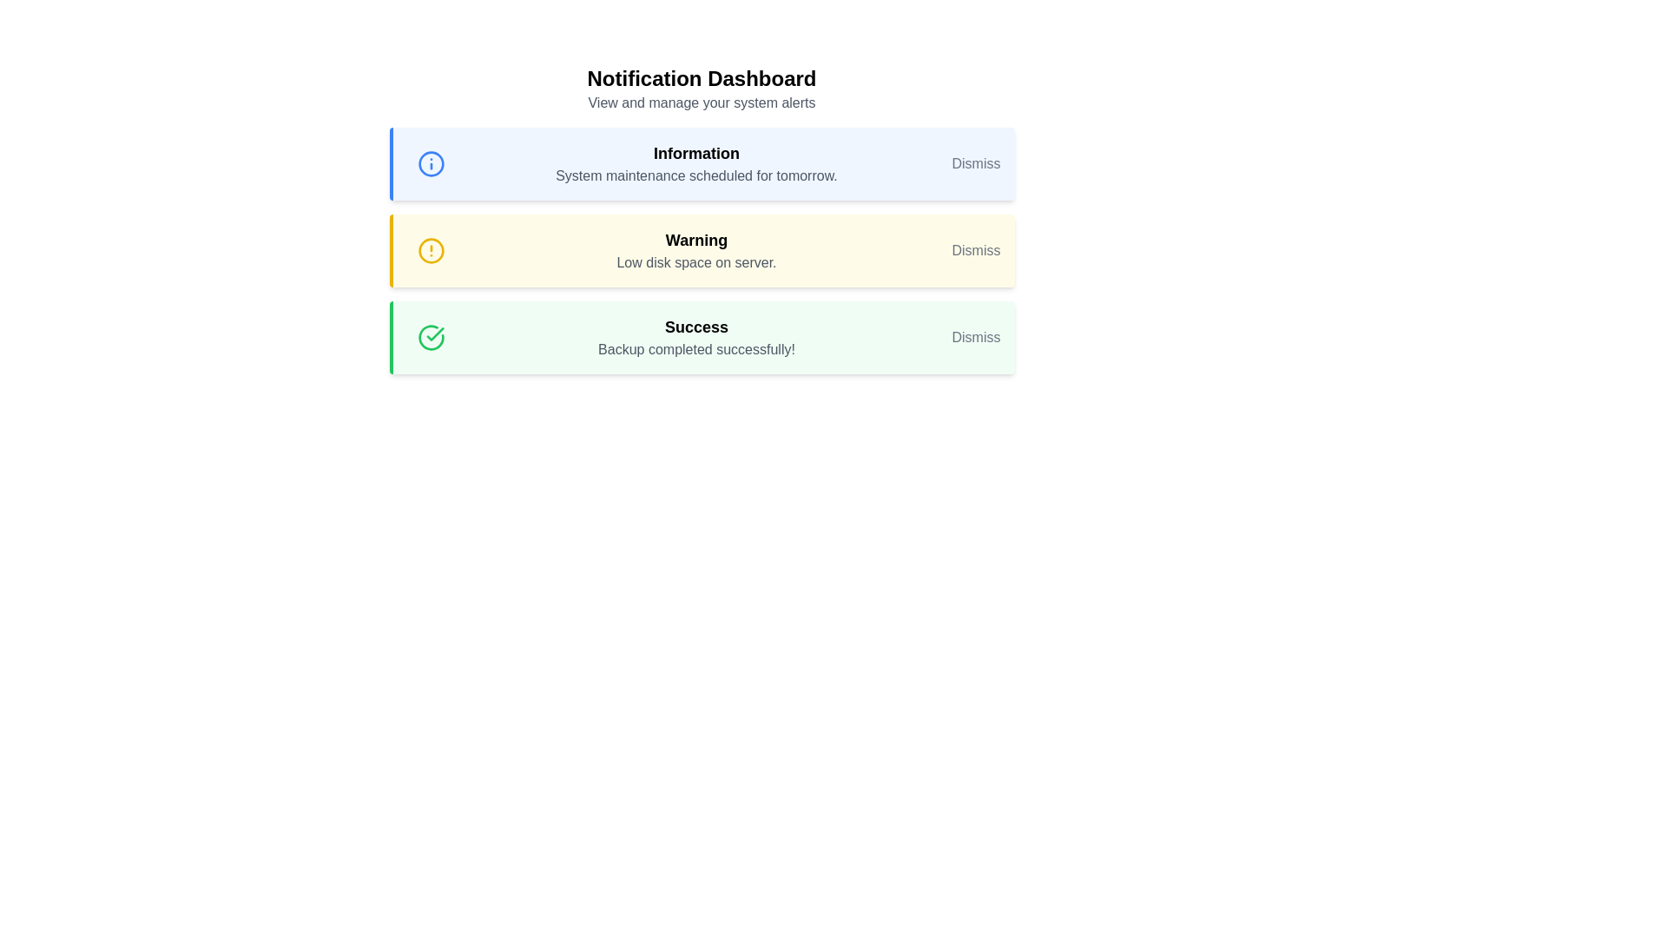 Image resolution: width=1667 pixels, height=938 pixels. Describe the element at coordinates (702, 89) in the screenshot. I see `the Text block containing the heading 'Notification Dashboard' and subtitle 'View and manage your system alerts', which is located at the top of the page` at that location.